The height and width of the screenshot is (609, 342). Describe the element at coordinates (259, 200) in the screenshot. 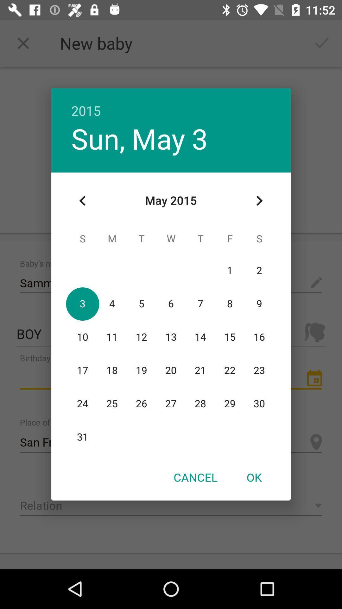

I see `the item at the top right corner` at that location.